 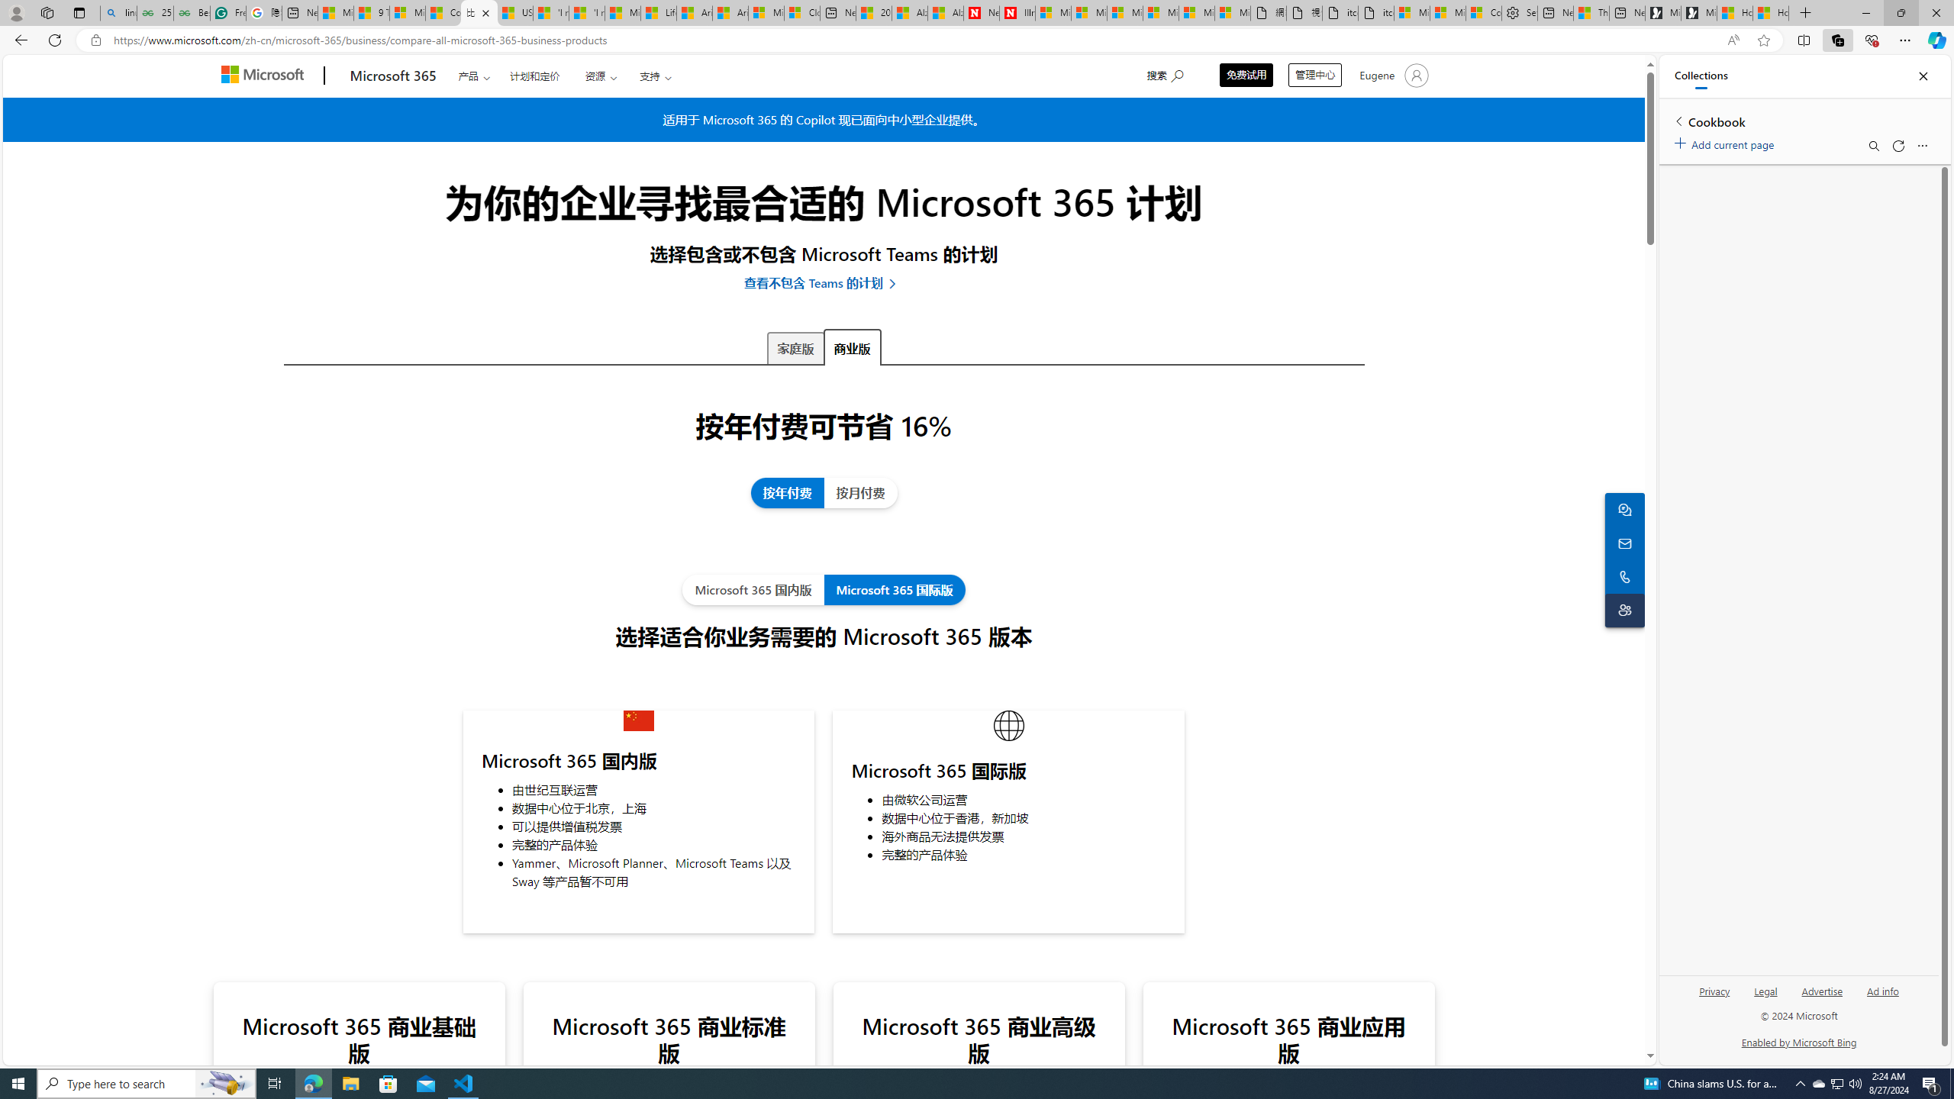 I want to click on 'Cloud Computing Services | Microsoft Azure', so click(x=801, y=12).